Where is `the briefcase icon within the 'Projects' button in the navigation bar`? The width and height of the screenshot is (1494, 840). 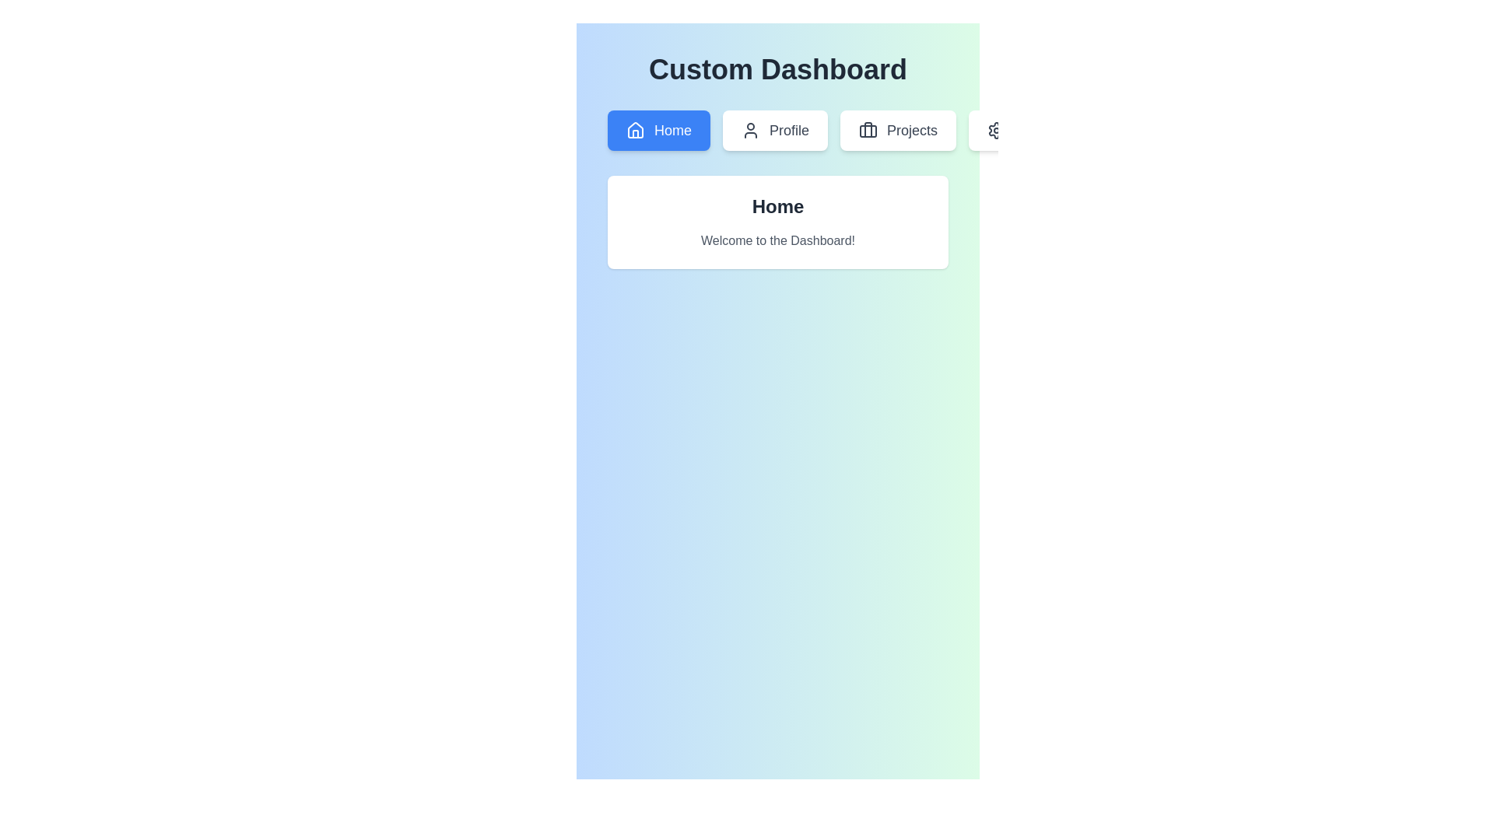 the briefcase icon within the 'Projects' button in the navigation bar is located at coordinates (868, 130).